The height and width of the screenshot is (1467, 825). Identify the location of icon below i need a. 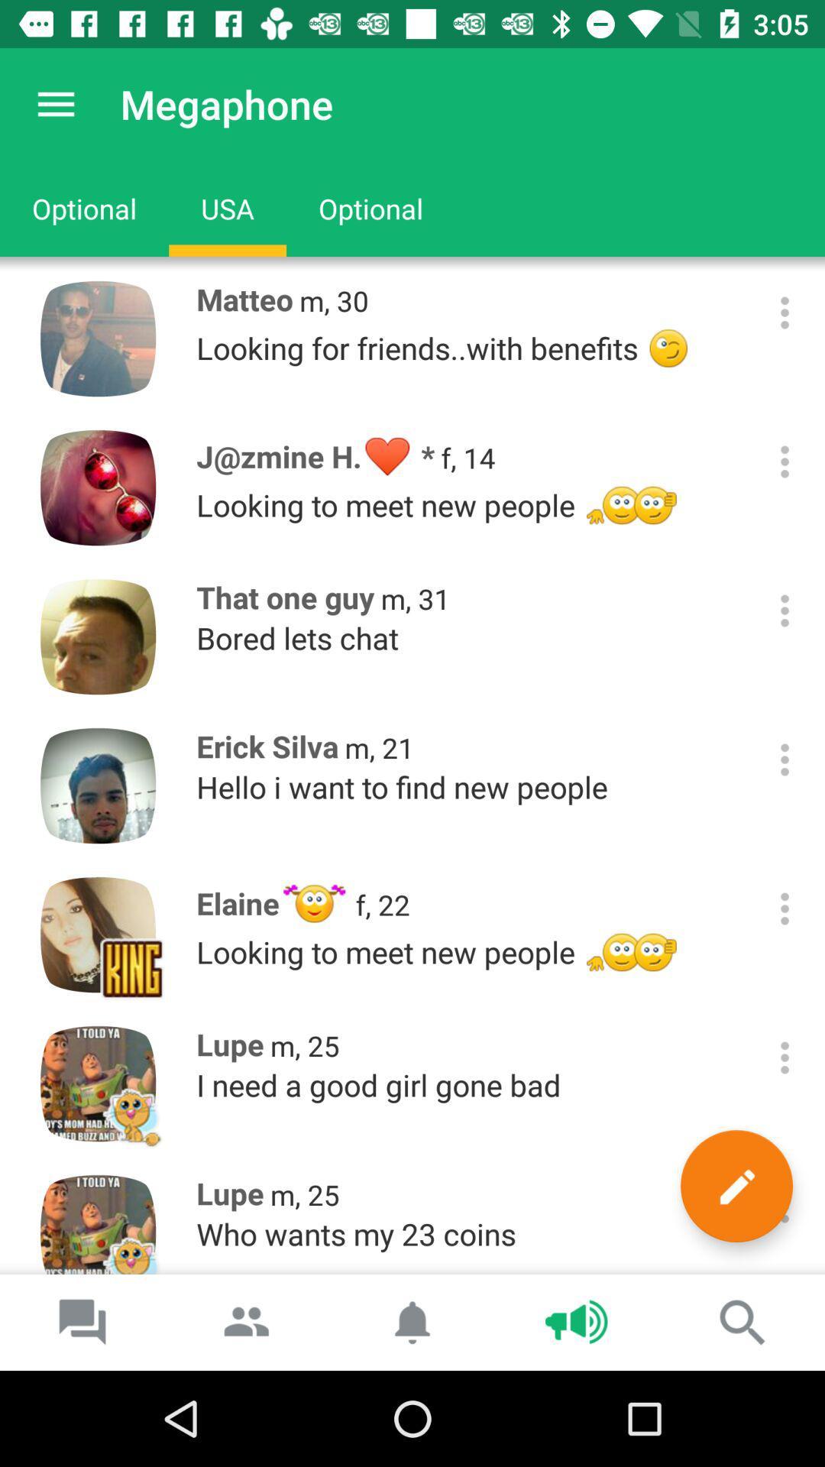
(736, 1185).